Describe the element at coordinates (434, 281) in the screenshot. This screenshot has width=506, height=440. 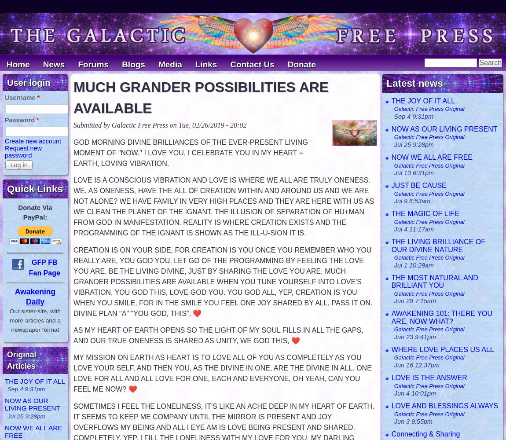
I see `'THE MOST NATURAL AND BRILLIANT YOU'` at that location.